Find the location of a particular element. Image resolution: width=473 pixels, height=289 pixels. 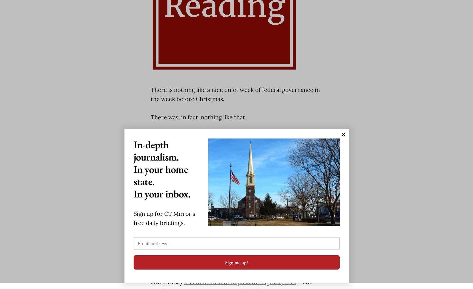

'In your inbox.' is located at coordinates (161, 193).